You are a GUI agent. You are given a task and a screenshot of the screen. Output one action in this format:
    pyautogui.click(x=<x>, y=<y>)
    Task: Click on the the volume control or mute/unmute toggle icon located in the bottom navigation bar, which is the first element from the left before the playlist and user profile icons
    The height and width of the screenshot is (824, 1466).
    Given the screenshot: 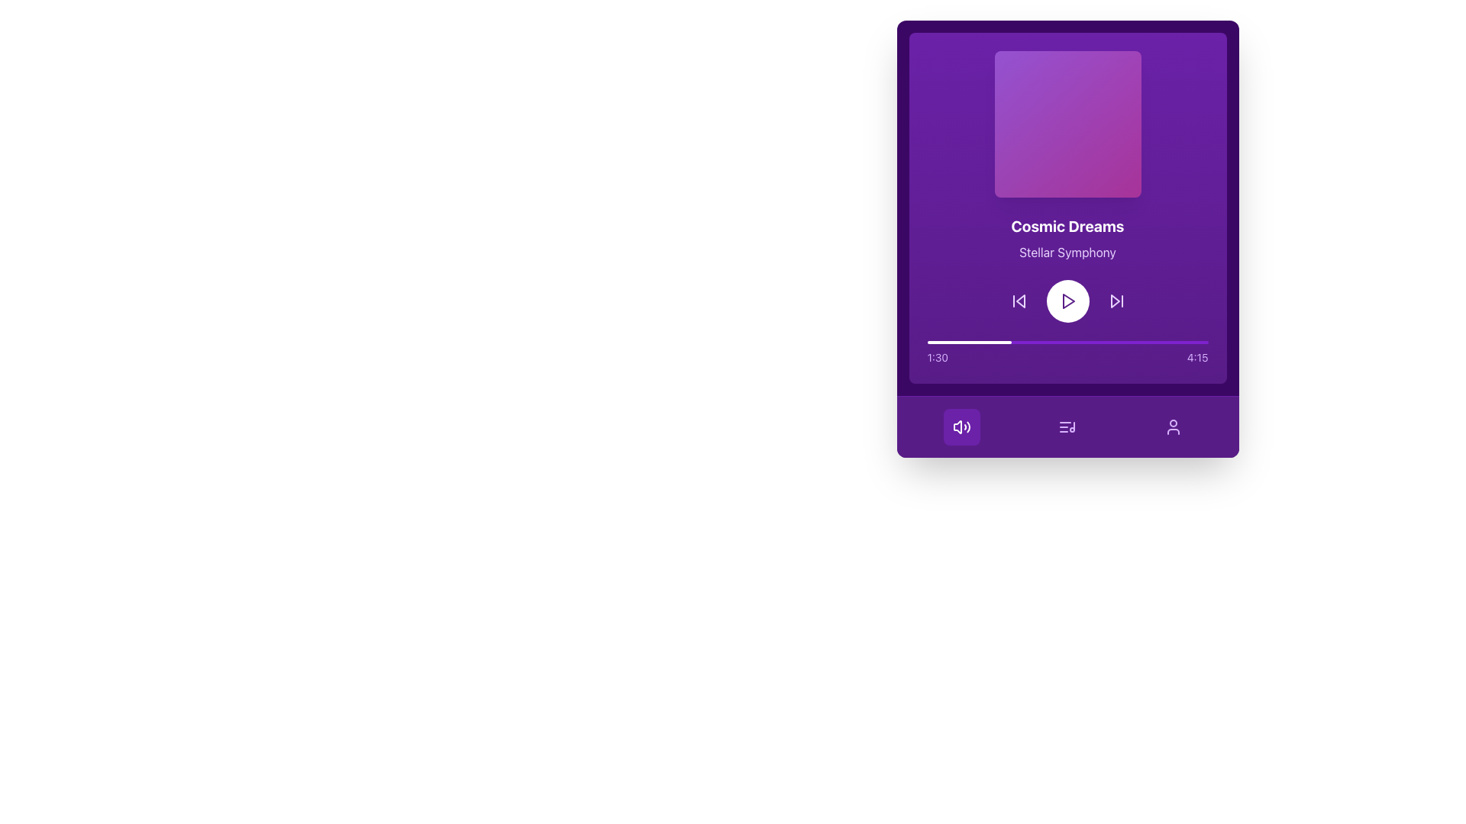 What is the action you would take?
    pyautogui.click(x=957, y=426)
    